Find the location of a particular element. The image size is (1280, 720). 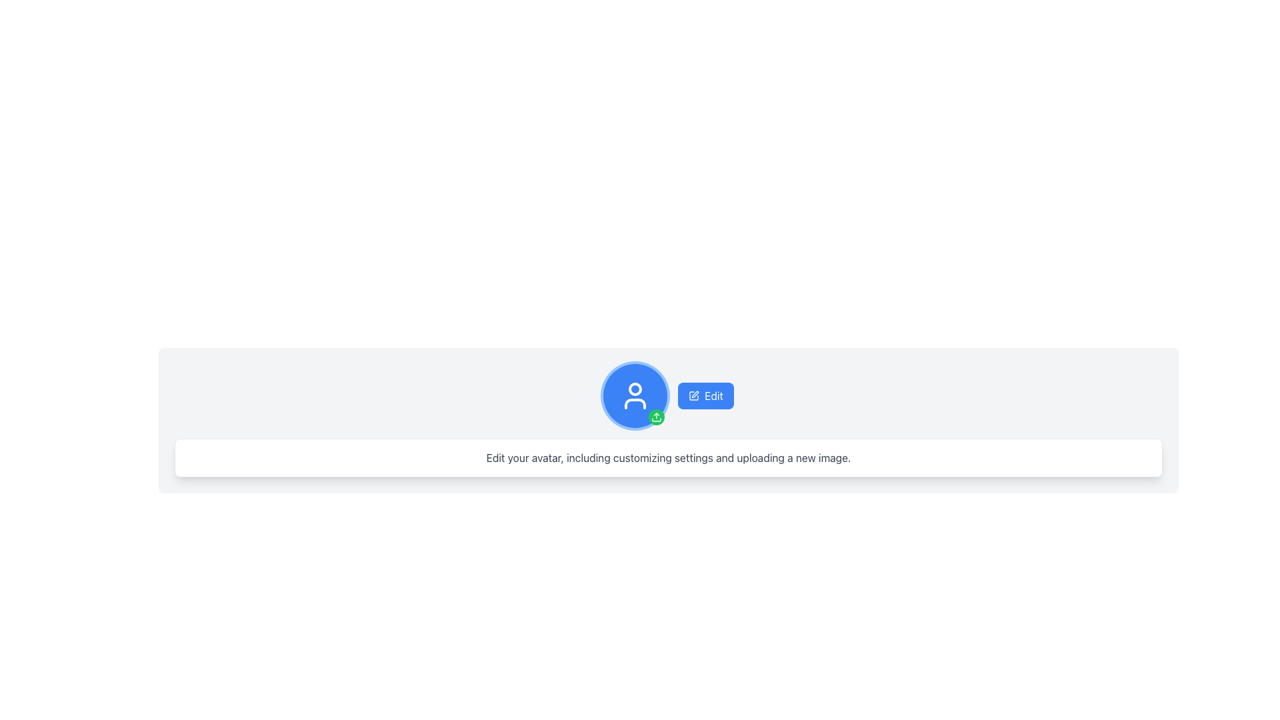

the user icon located at the center of the blue circular button is located at coordinates (635, 395).